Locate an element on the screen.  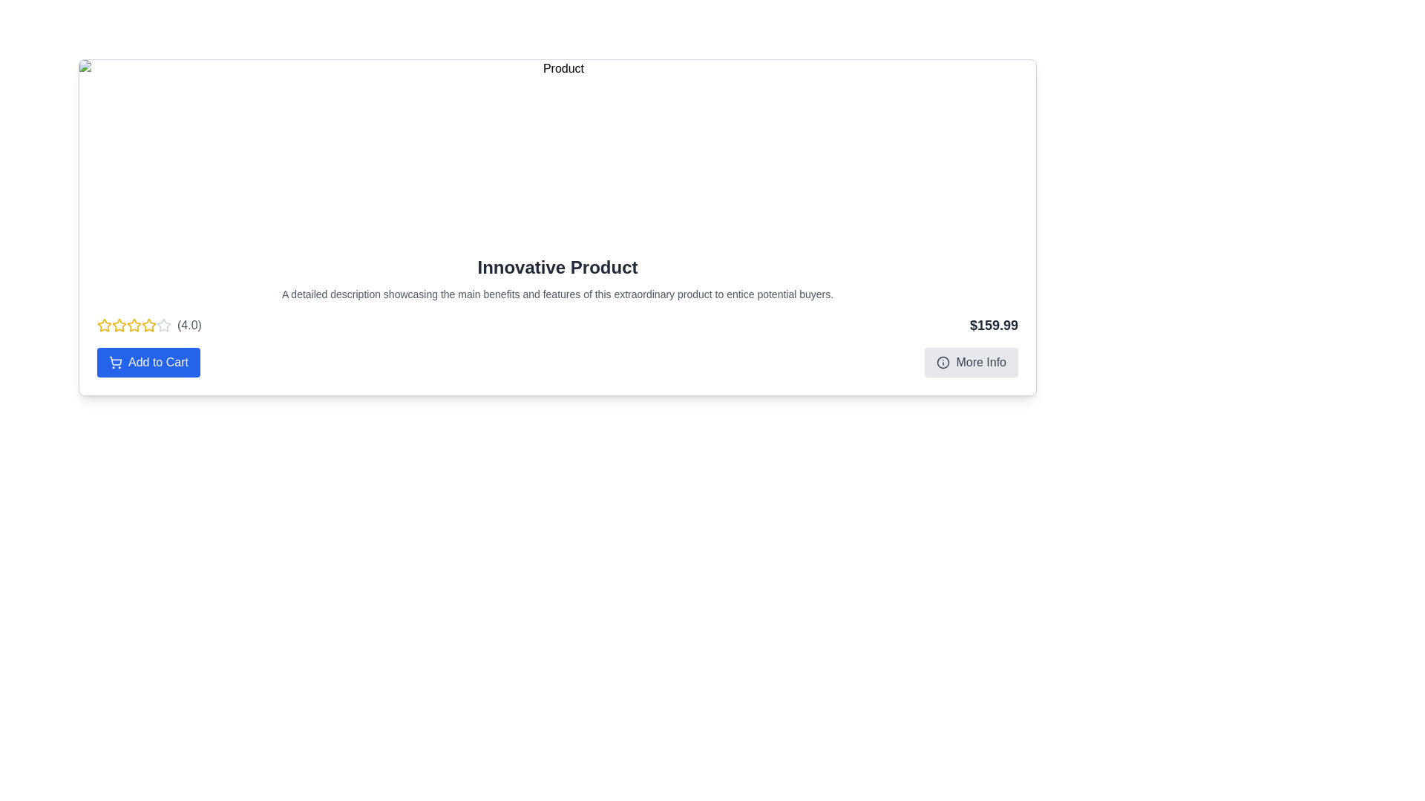
the 'Add to Cart' button that contains the shopping cart icon, which is styled in white against a blue background is located at coordinates (115, 363).